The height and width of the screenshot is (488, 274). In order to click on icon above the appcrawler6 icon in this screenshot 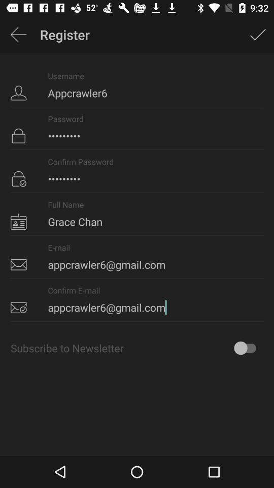, I will do `click(258, 35)`.